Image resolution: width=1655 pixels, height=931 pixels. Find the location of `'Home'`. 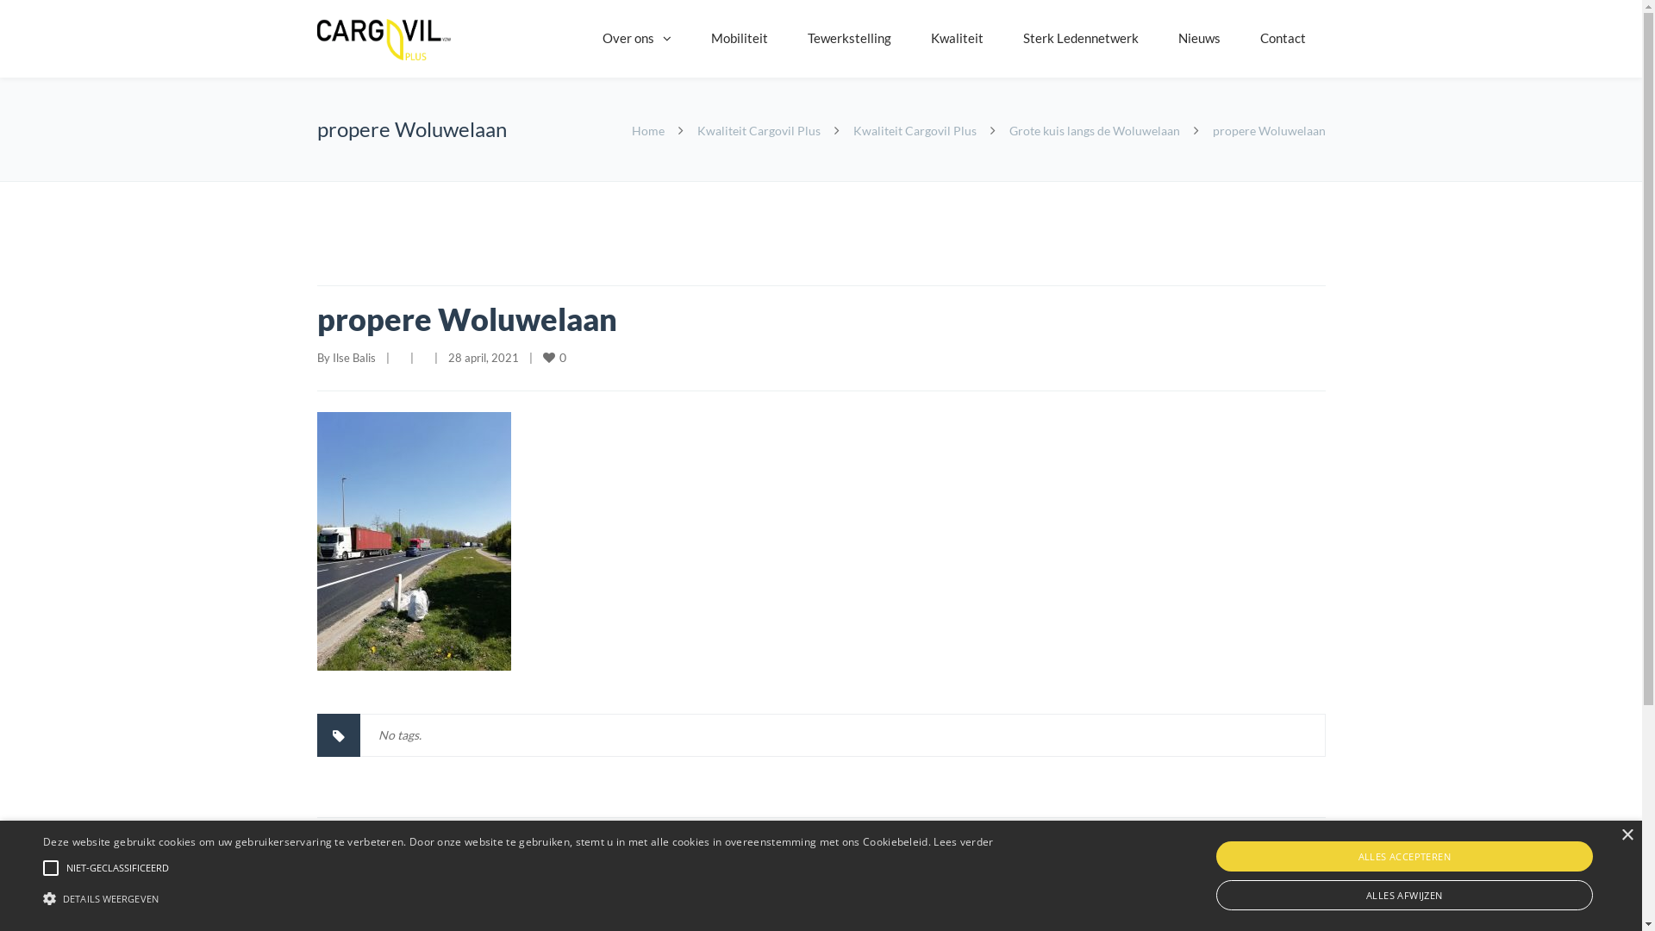

'Home' is located at coordinates (646, 129).